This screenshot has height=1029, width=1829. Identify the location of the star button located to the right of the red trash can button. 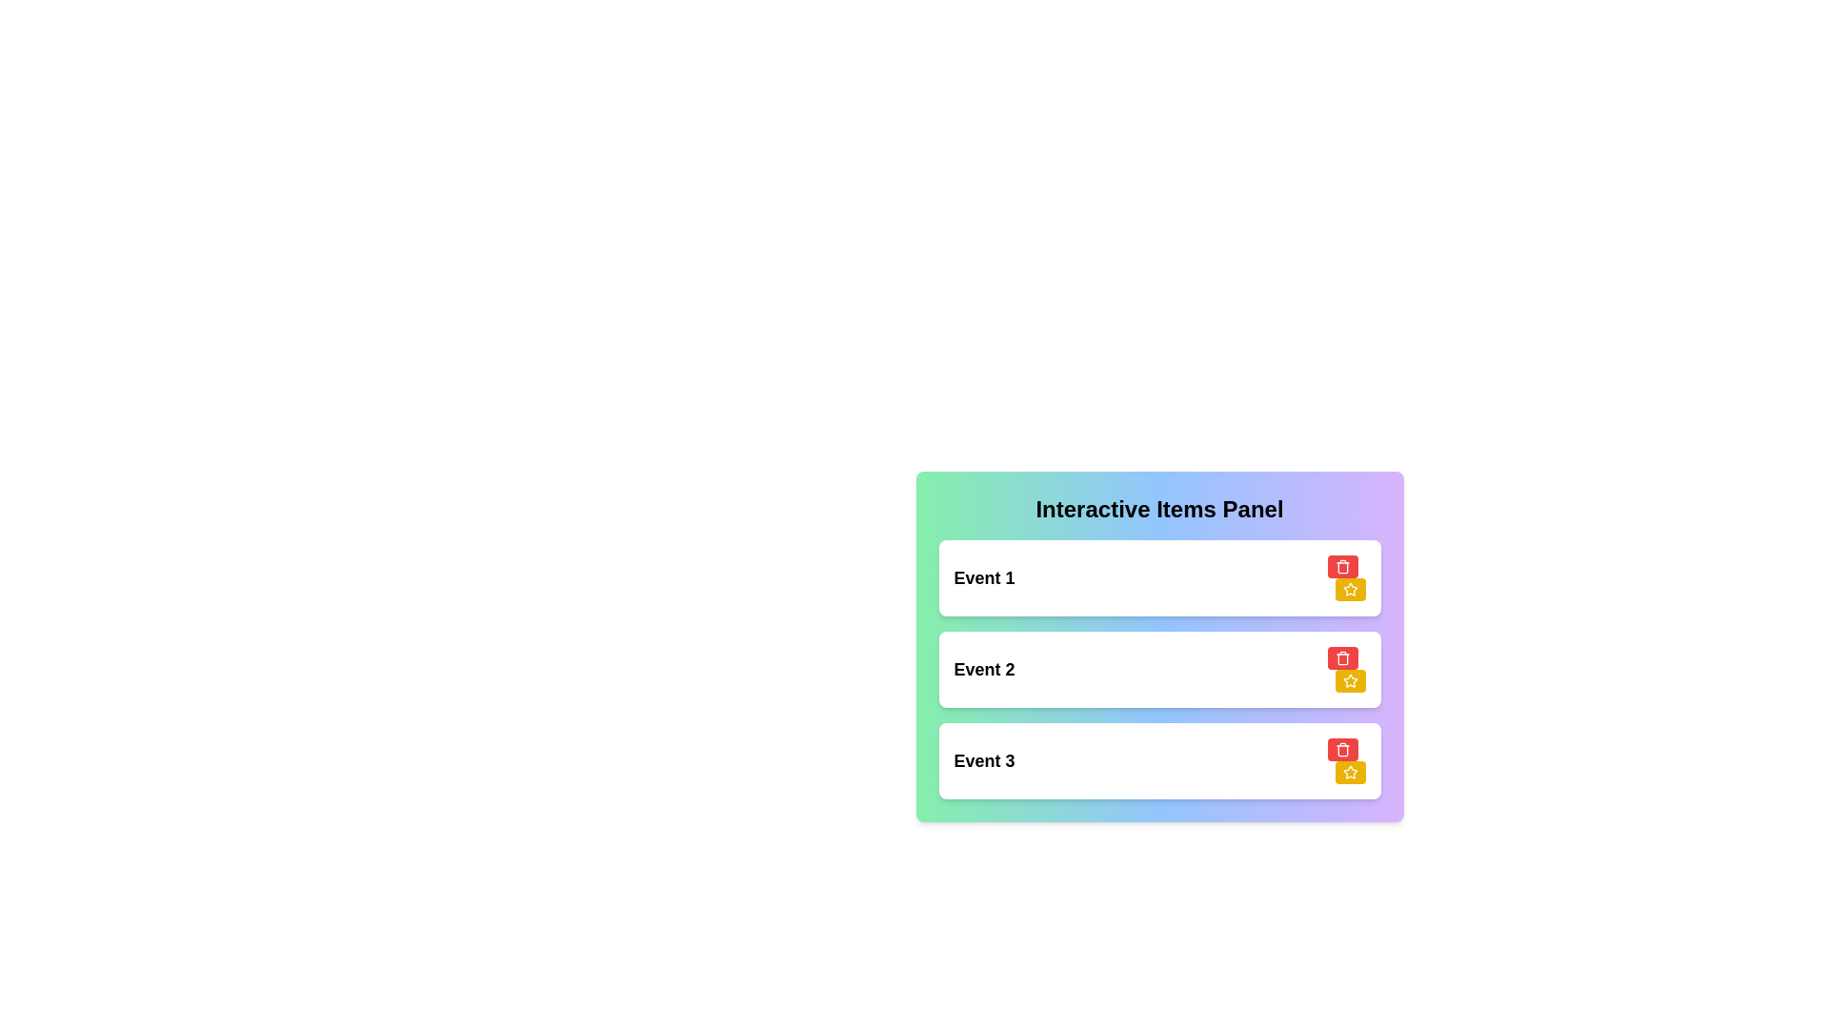
(1349, 588).